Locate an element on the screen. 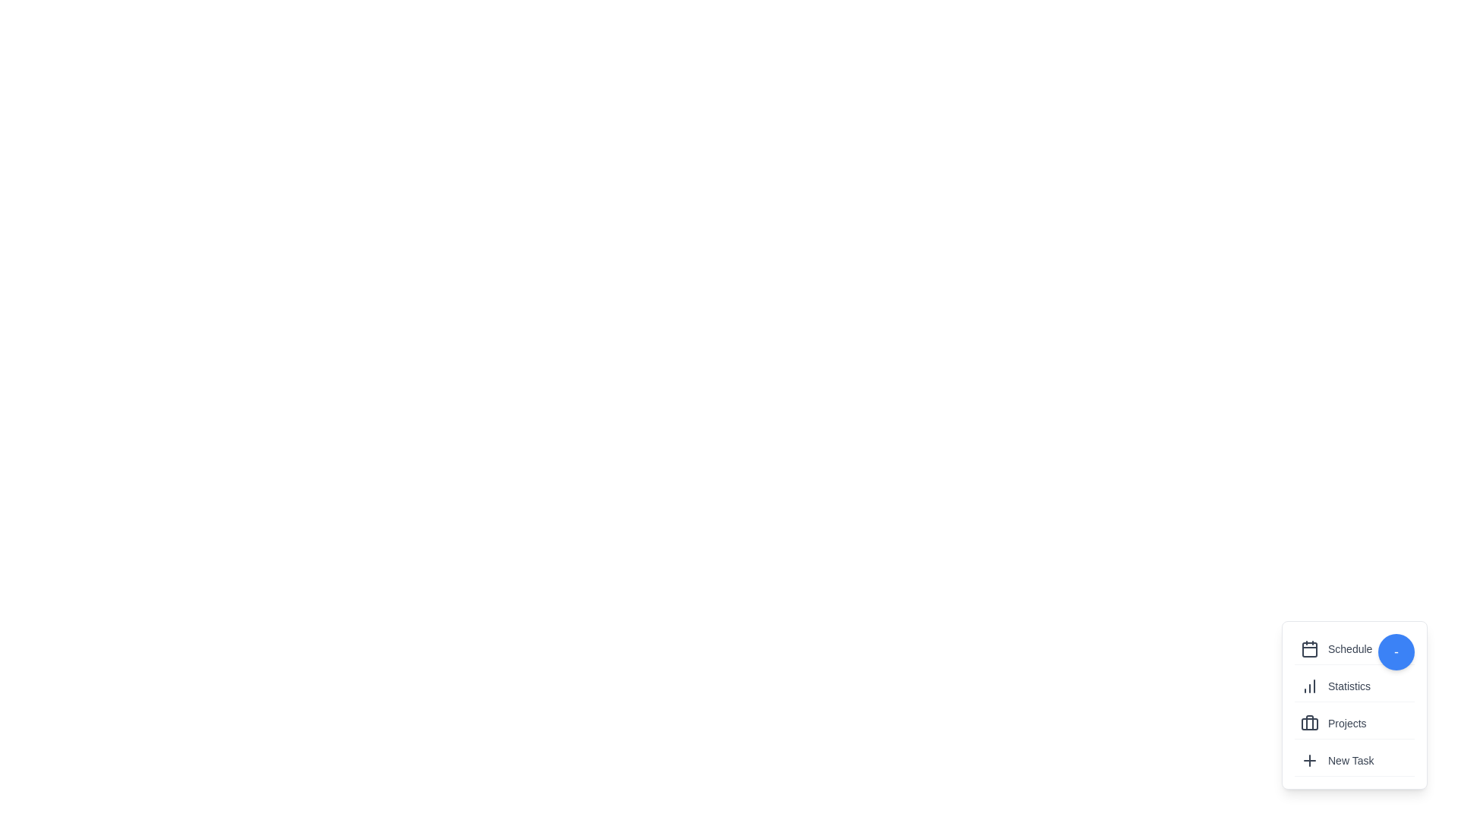 The image size is (1458, 820). the 'Projects' button which features a briefcase icon on the left and dark gray text on the right, positioned as the third item in a vertical menu is located at coordinates (1355, 723).